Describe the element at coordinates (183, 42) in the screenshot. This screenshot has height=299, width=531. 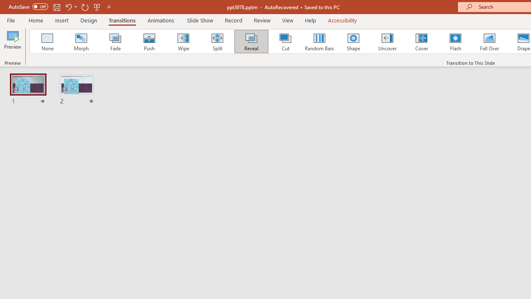
I see `'Wipe'` at that location.